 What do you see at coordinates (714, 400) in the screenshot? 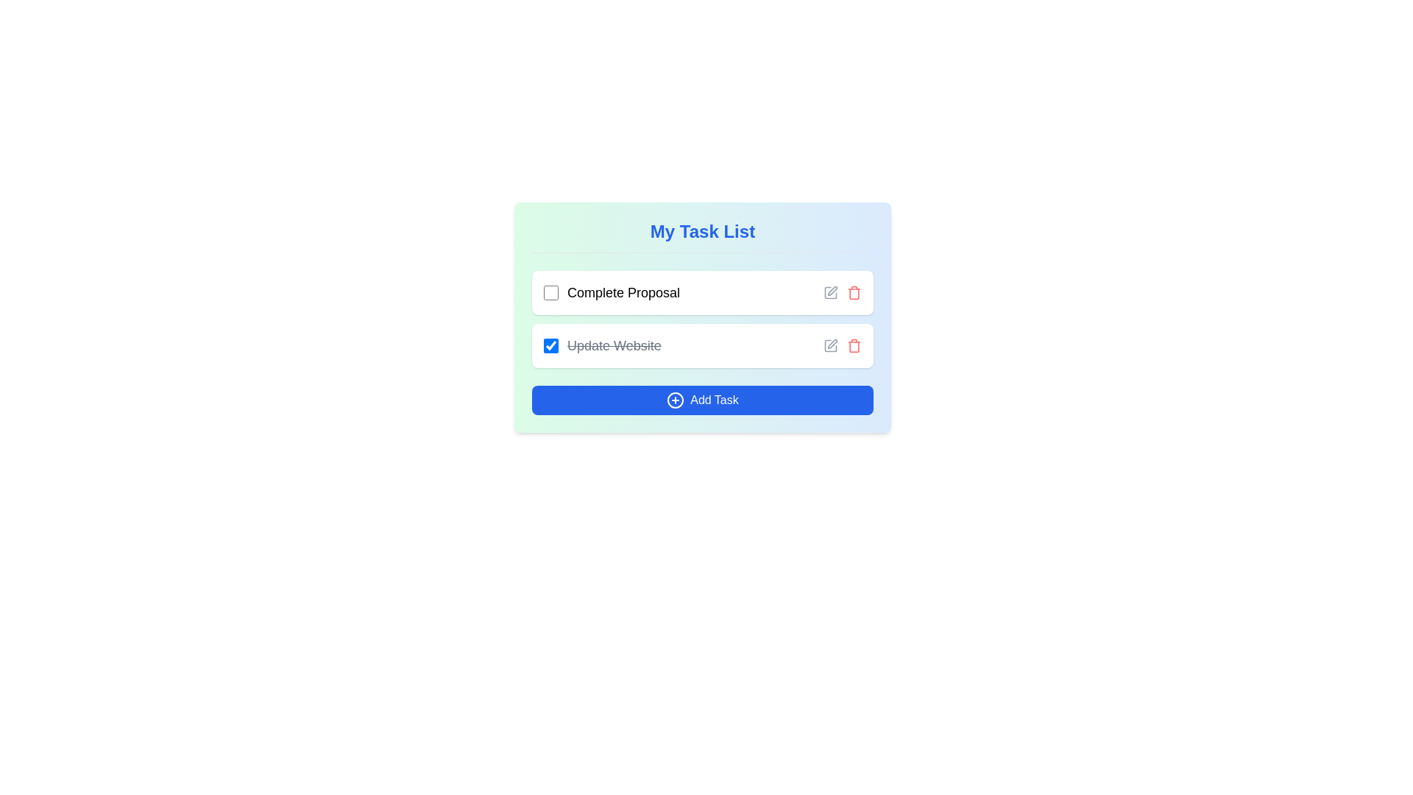
I see `the text label that indicates the function of the 'Add Task' button, which is located at the bottom of the task management interface, to the right of the plus icon` at bounding box center [714, 400].